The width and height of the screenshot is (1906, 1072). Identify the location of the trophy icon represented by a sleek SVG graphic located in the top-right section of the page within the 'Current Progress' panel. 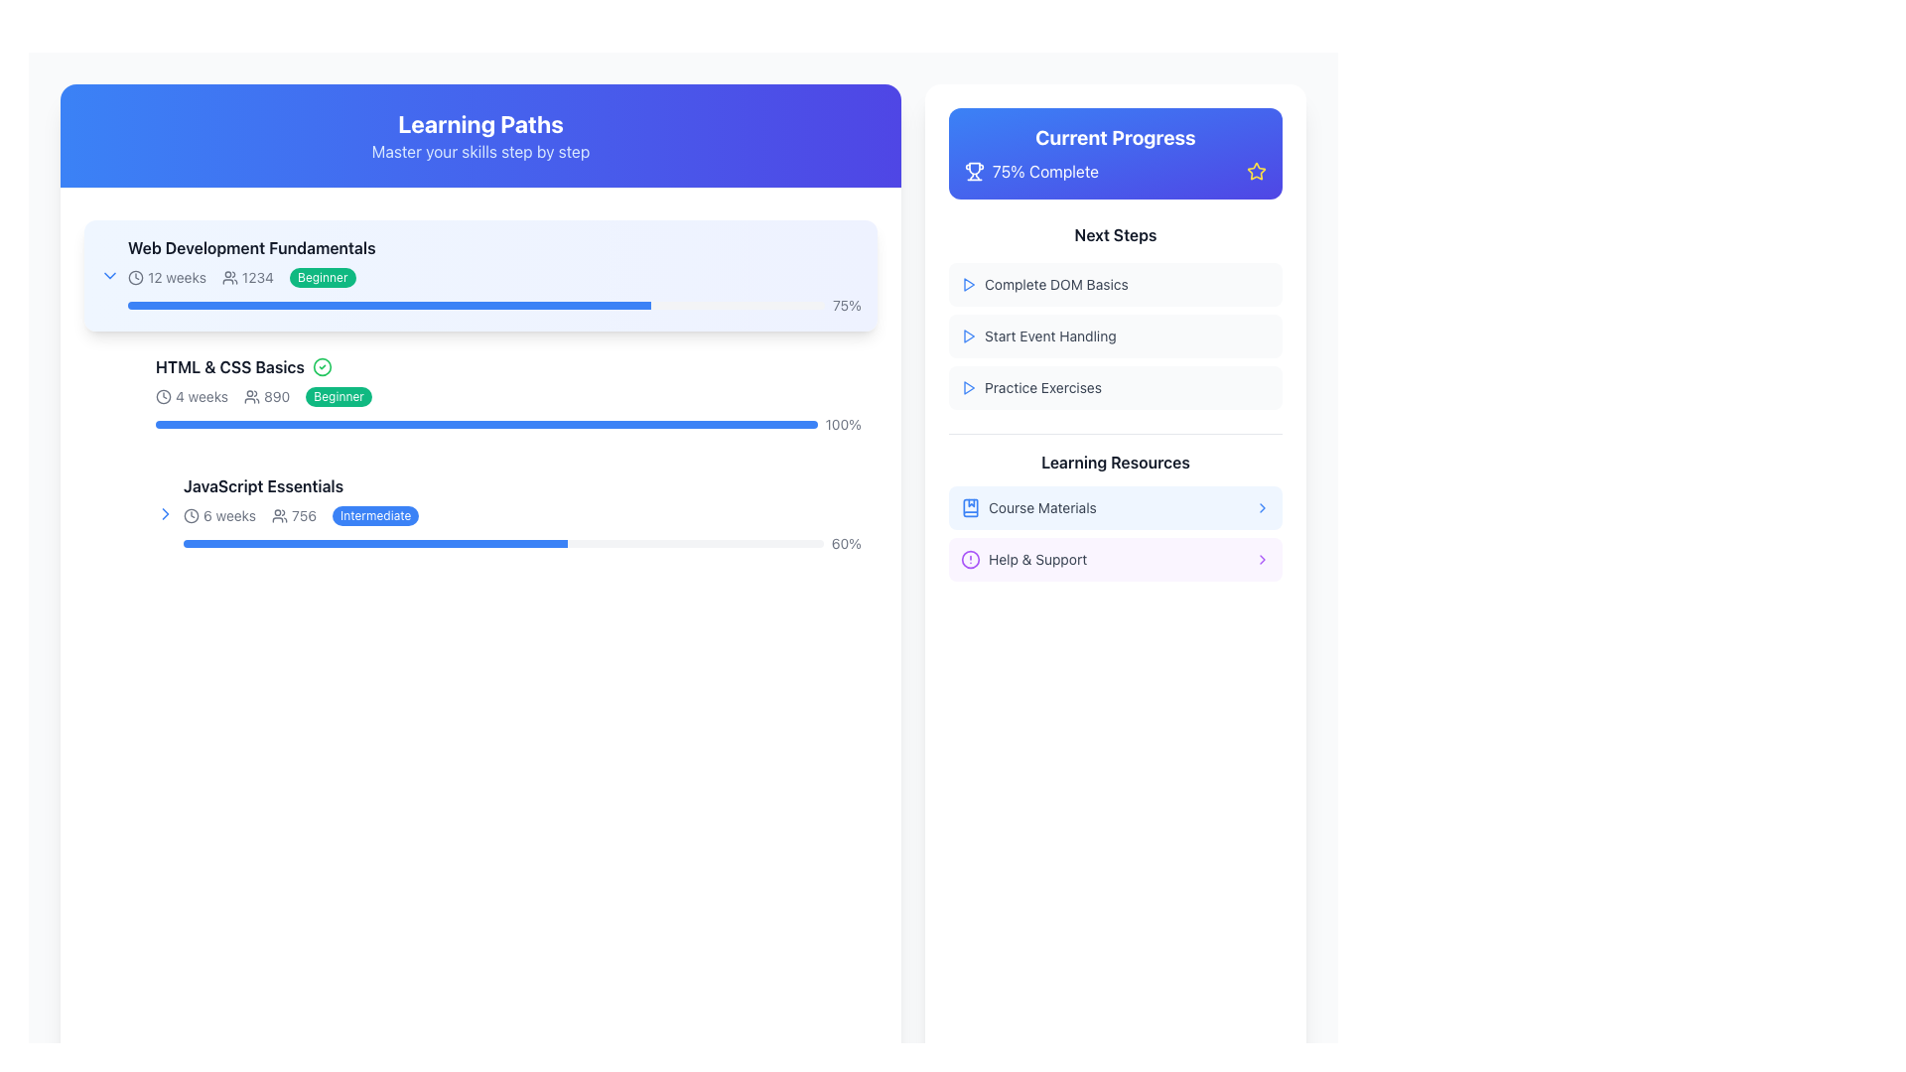
(975, 167).